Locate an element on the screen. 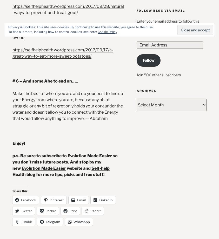 The image size is (219, 239). 'Reddit' is located at coordinates (95, 210).